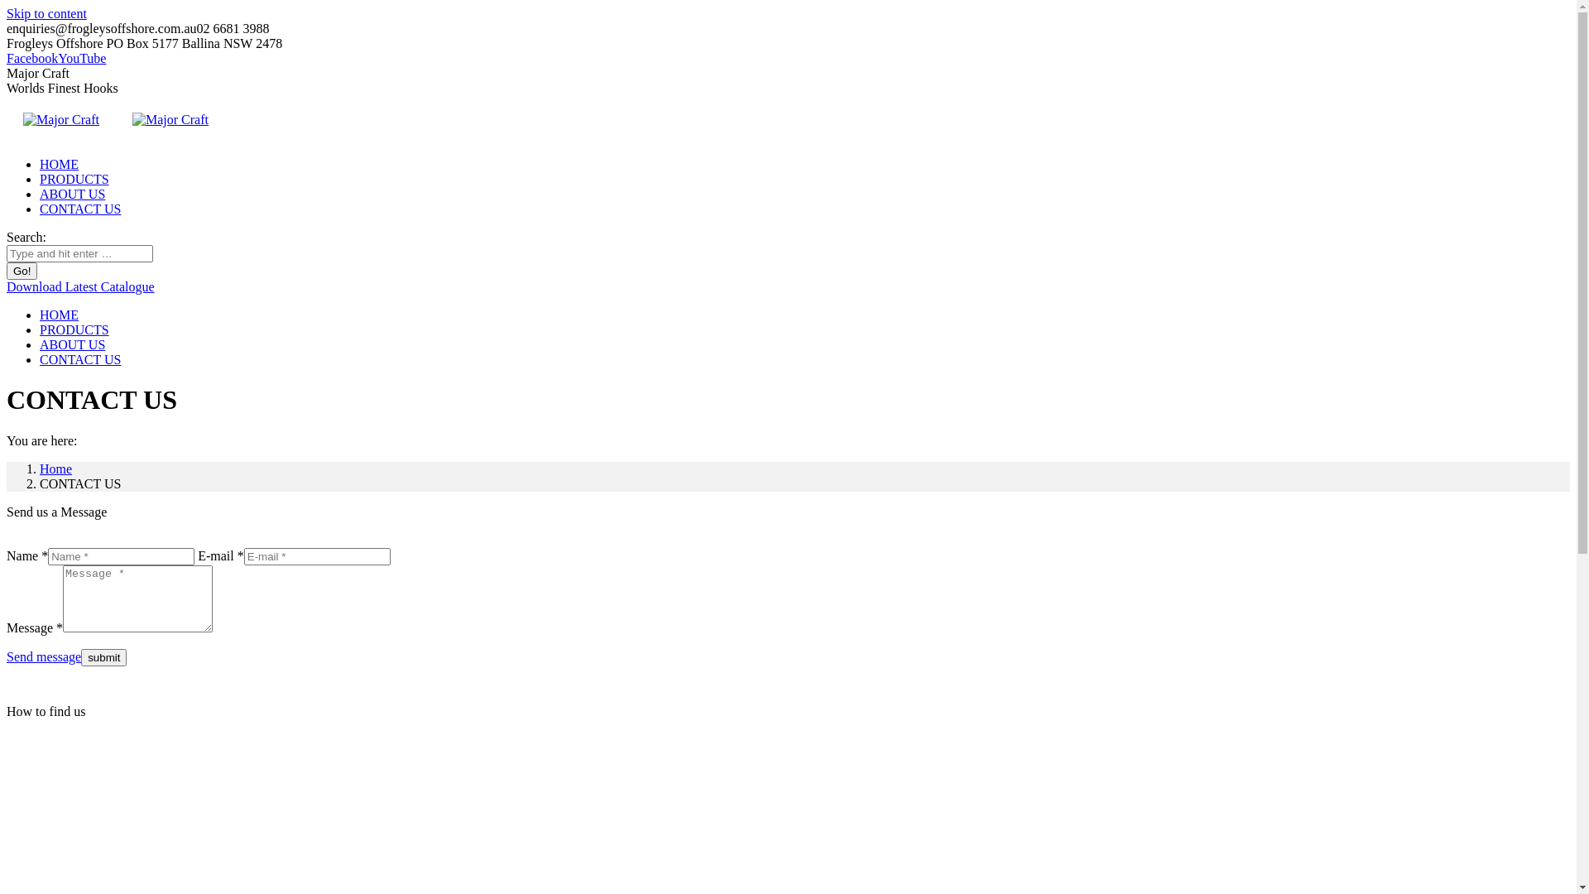  What do you see at coordinates (74, 329) in the screenshot?
I see `'PRODUCTS'` at bounding box center [74, 329].